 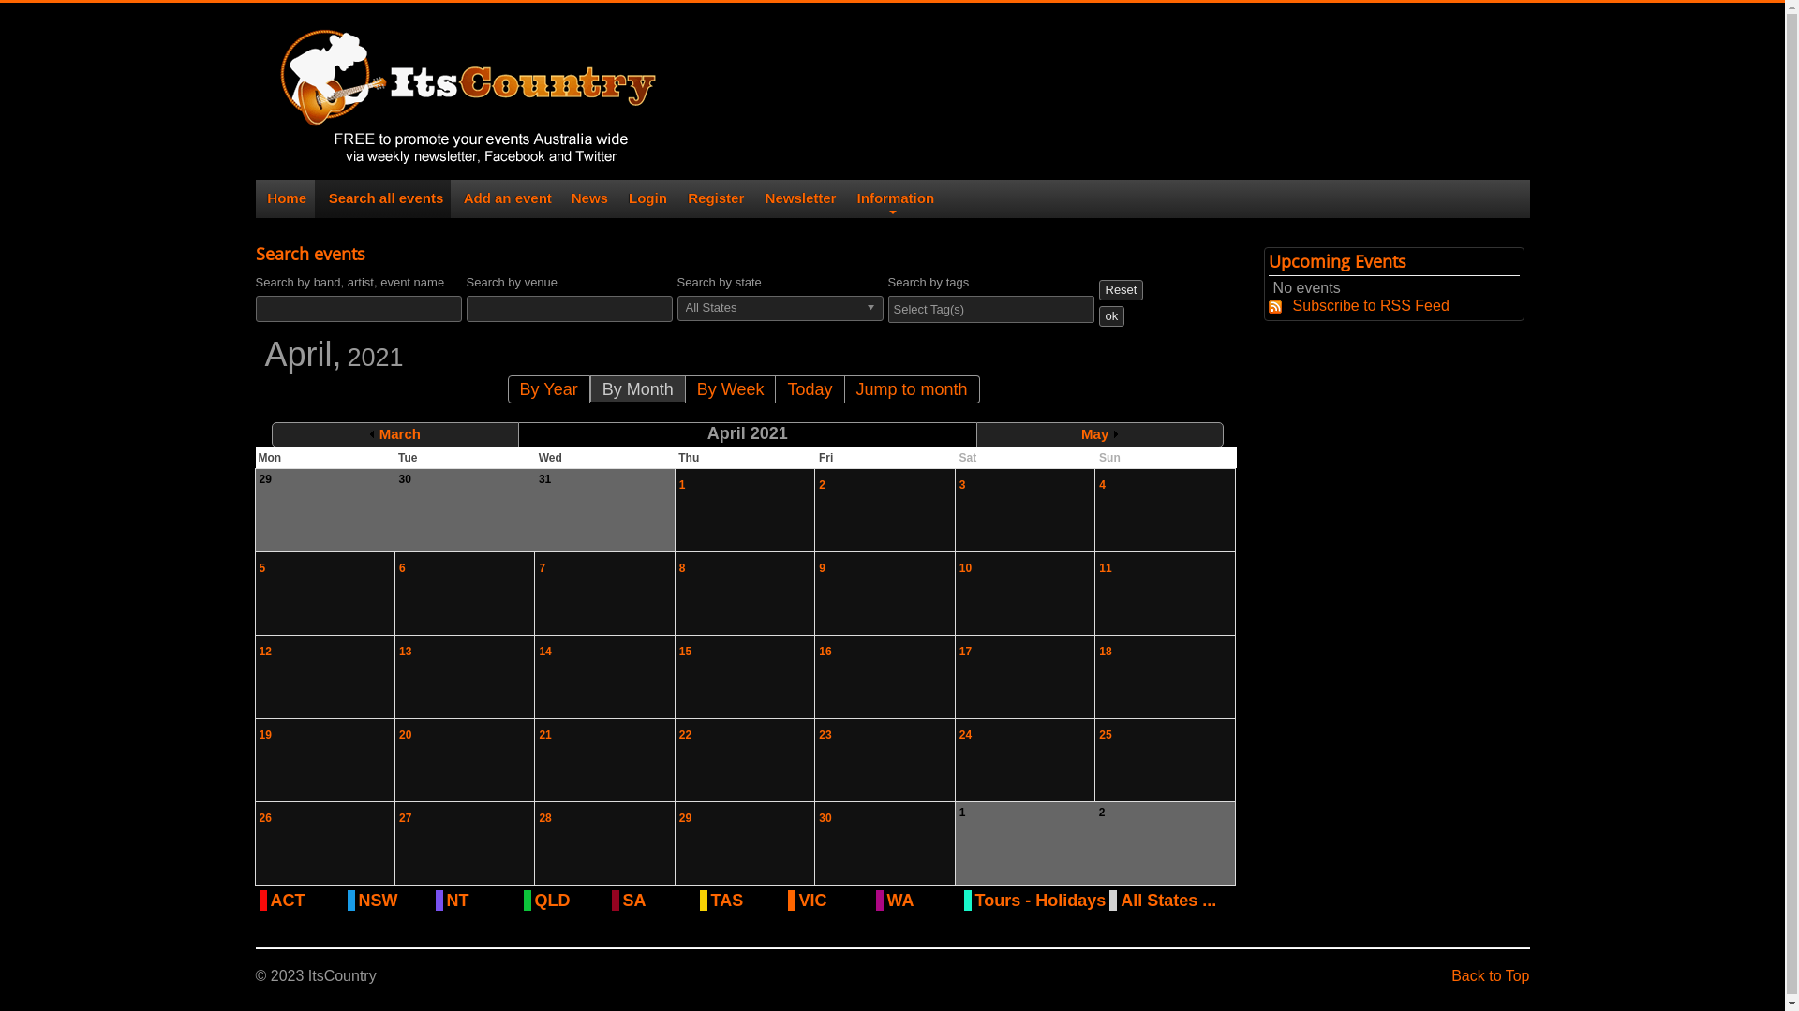 I want to click on 'News', so click(x=569, y=198).